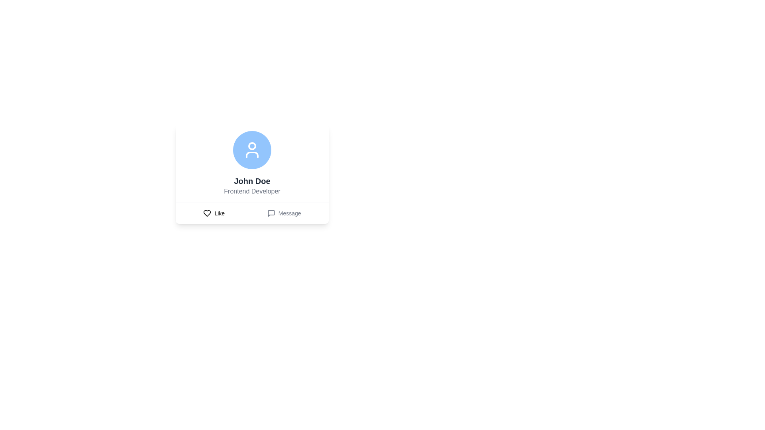 The width and height of the screenshot is (765, 430). I want to click on the vector graphic element that represents a part of the head-and-shoulders depiction in the user icon, located beneath the top circular section of the icon, so click(252, 155).